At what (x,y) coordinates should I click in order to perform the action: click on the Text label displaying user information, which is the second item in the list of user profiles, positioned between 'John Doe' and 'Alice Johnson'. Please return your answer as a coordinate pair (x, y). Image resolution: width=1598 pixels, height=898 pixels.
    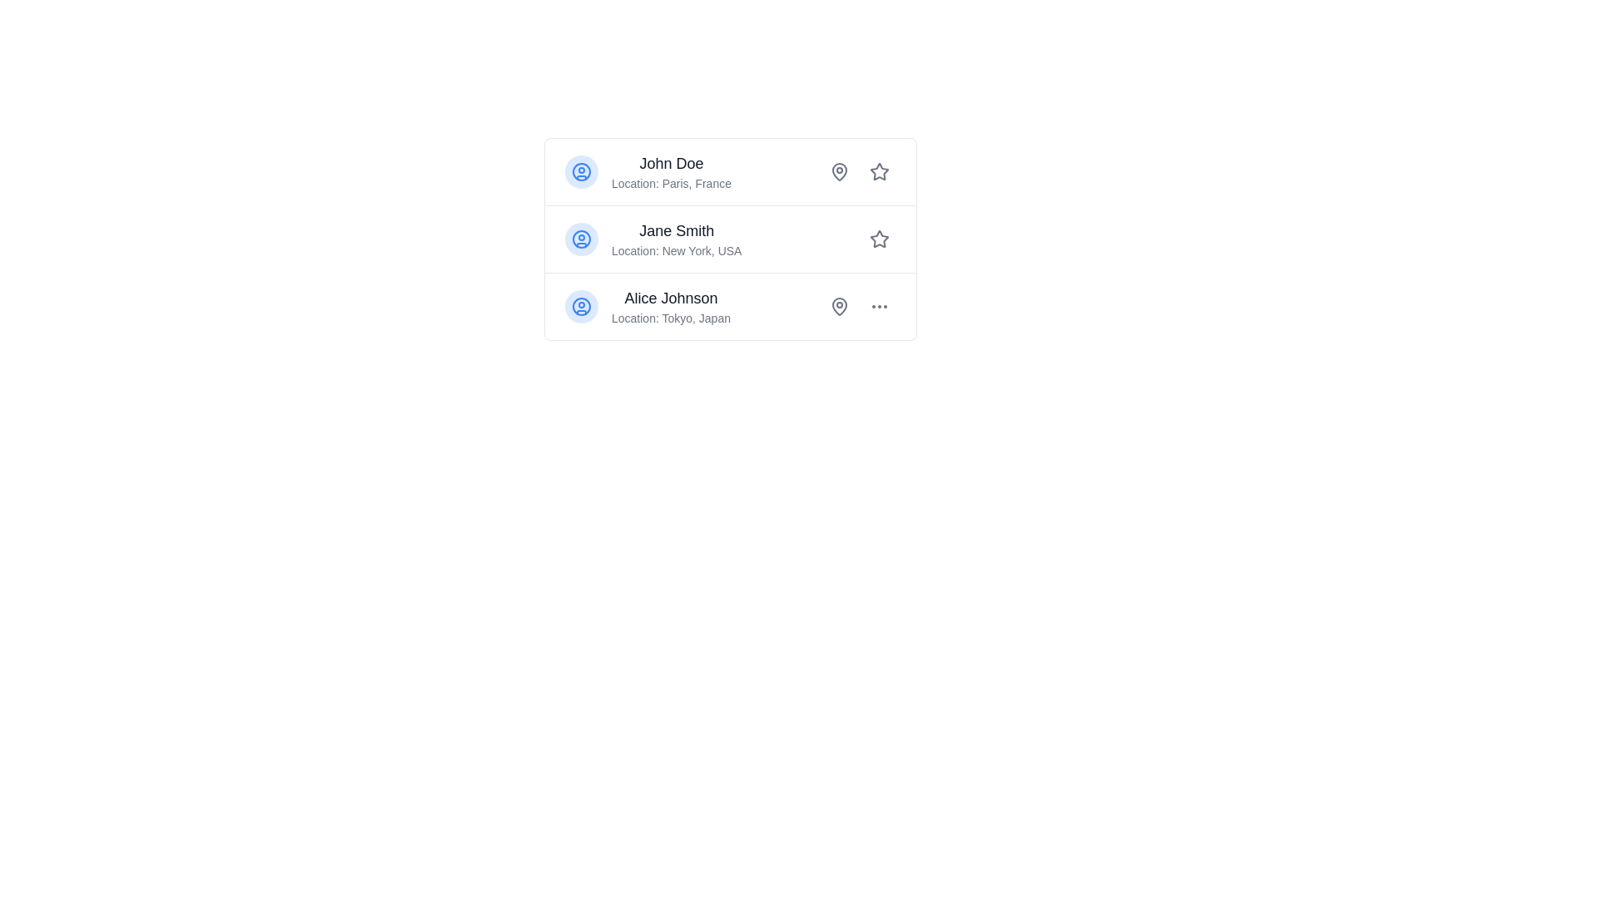
    Looking at the image, I should click on (653, 239).